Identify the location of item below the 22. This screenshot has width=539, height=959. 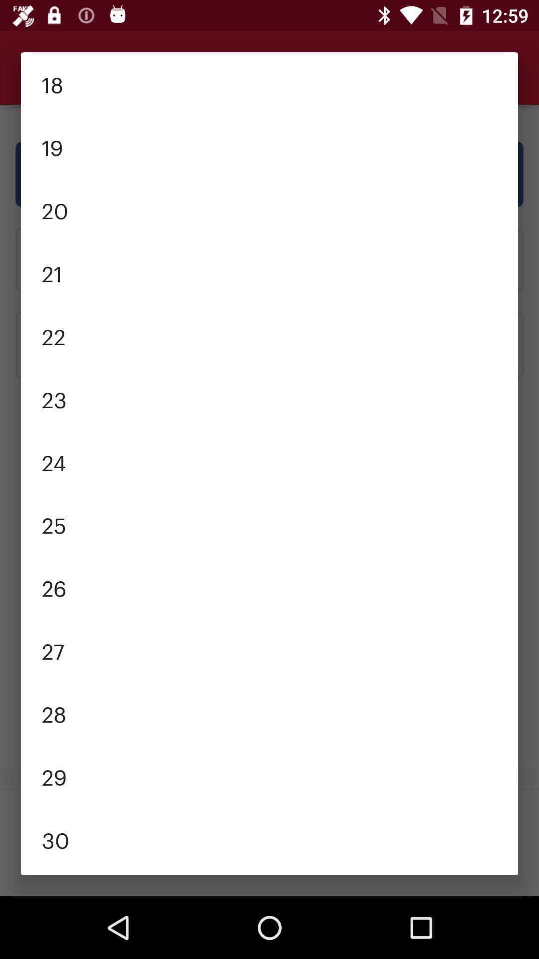
(269, 398).